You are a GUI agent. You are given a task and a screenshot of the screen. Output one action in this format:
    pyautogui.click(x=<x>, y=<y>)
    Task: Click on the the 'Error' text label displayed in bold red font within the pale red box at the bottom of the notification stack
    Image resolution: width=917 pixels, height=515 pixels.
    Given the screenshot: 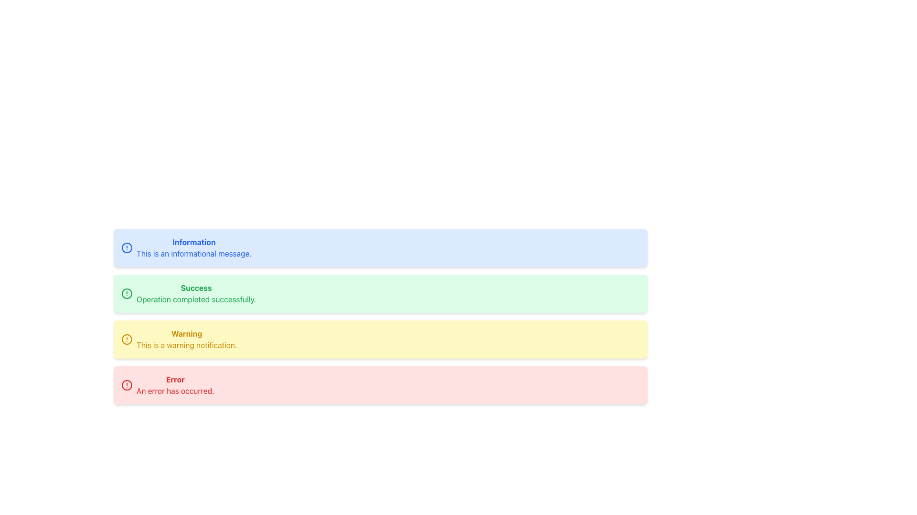 What is the action you would take?
    pyautogui.click(x=175, y=379)
    